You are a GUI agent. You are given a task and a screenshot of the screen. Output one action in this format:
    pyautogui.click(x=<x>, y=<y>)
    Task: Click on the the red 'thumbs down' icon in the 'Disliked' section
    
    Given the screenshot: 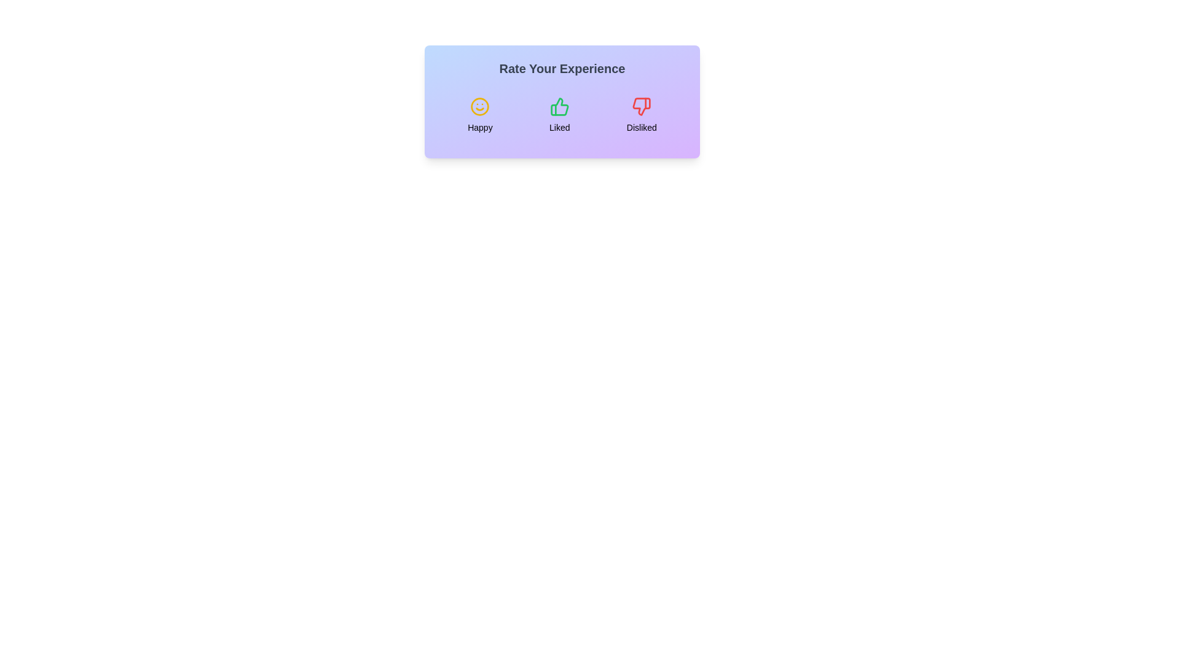 What is the action you would take?
    pyautogui.click(x=641, y=106)
    